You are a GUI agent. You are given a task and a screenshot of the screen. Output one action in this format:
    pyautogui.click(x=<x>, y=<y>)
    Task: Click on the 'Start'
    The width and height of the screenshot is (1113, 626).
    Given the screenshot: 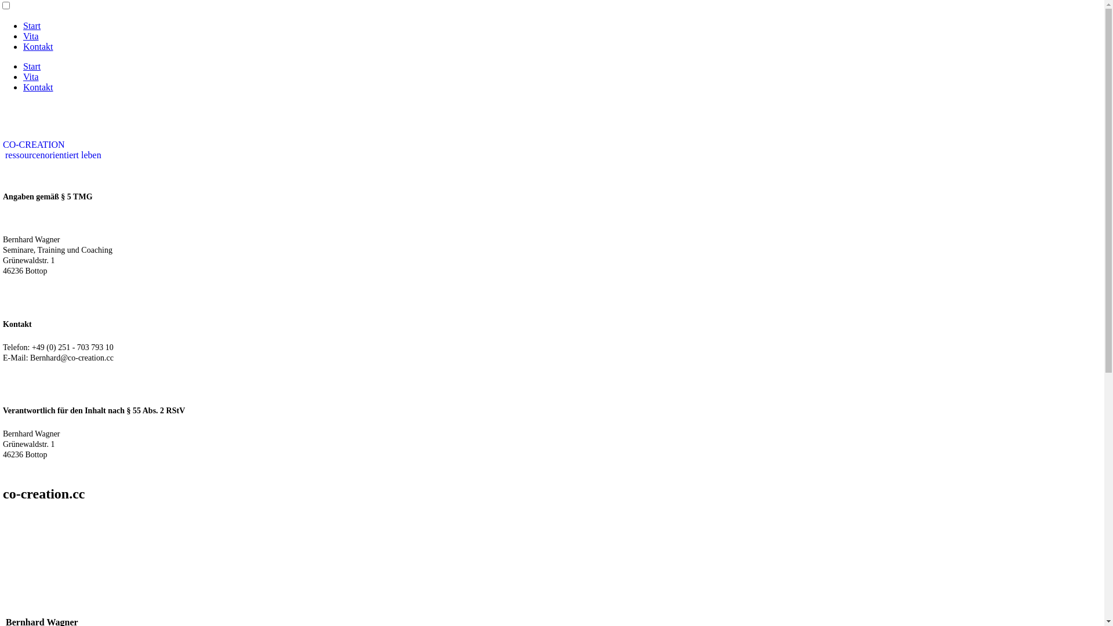 What is the action you would take?
    pyautogui.click(x=23, y=66)
    